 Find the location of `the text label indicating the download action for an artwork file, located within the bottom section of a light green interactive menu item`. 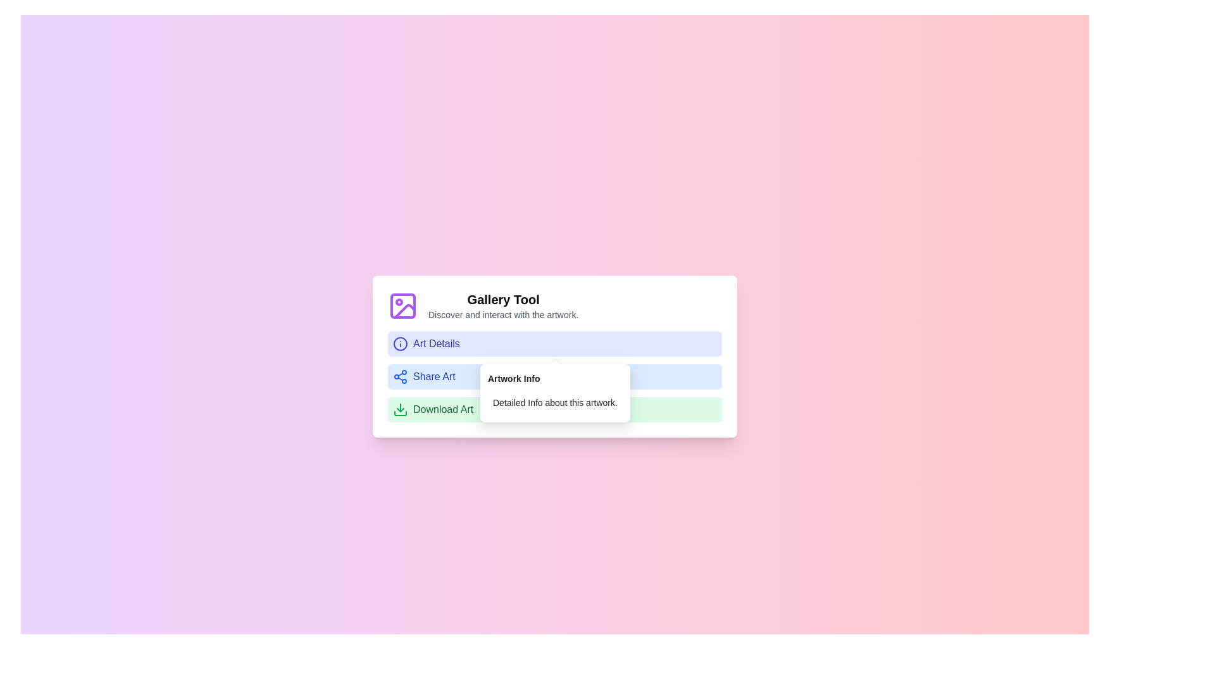

the text label indicating the download action for an artwork file, located within the bottom section of a light green interactive menu item is located at coordinates (443, 410).